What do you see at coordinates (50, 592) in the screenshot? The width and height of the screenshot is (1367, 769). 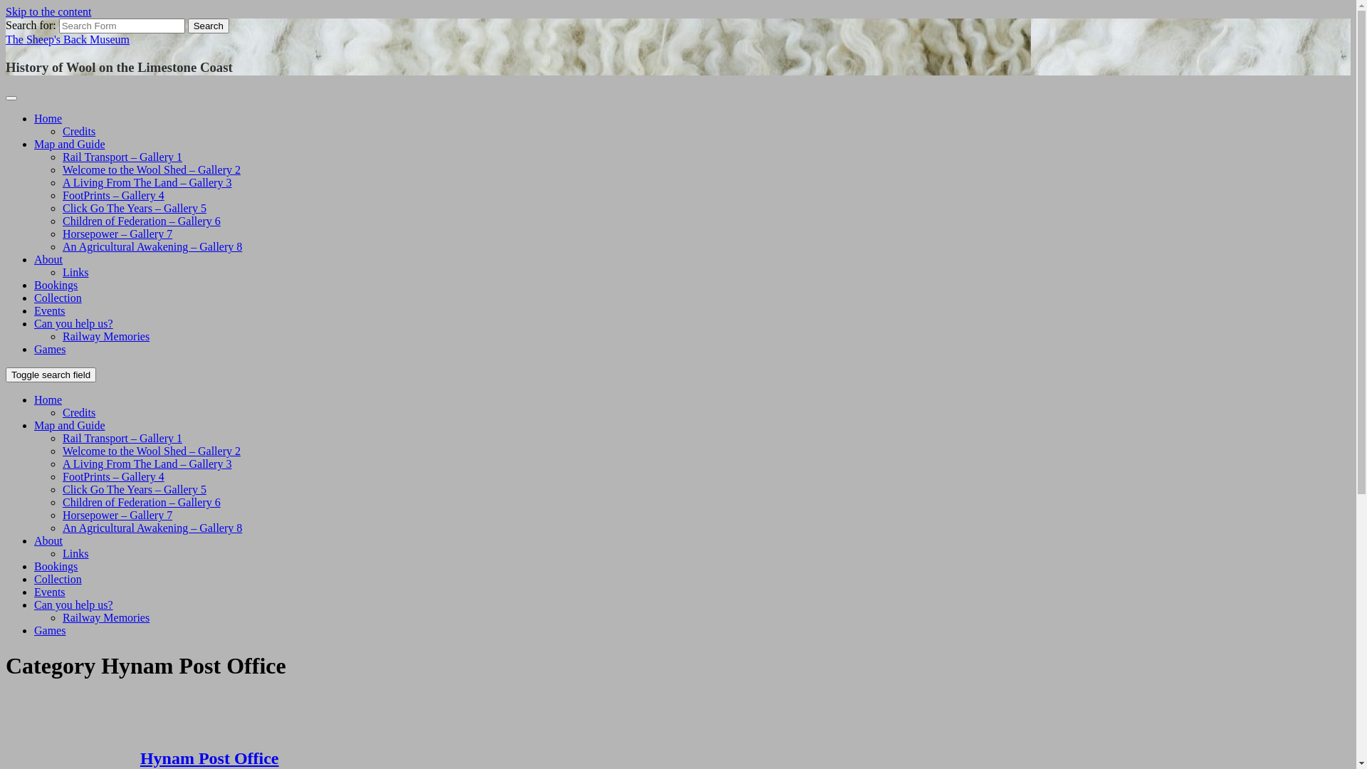 I see `'Events'` at bounding box center [50, 592].